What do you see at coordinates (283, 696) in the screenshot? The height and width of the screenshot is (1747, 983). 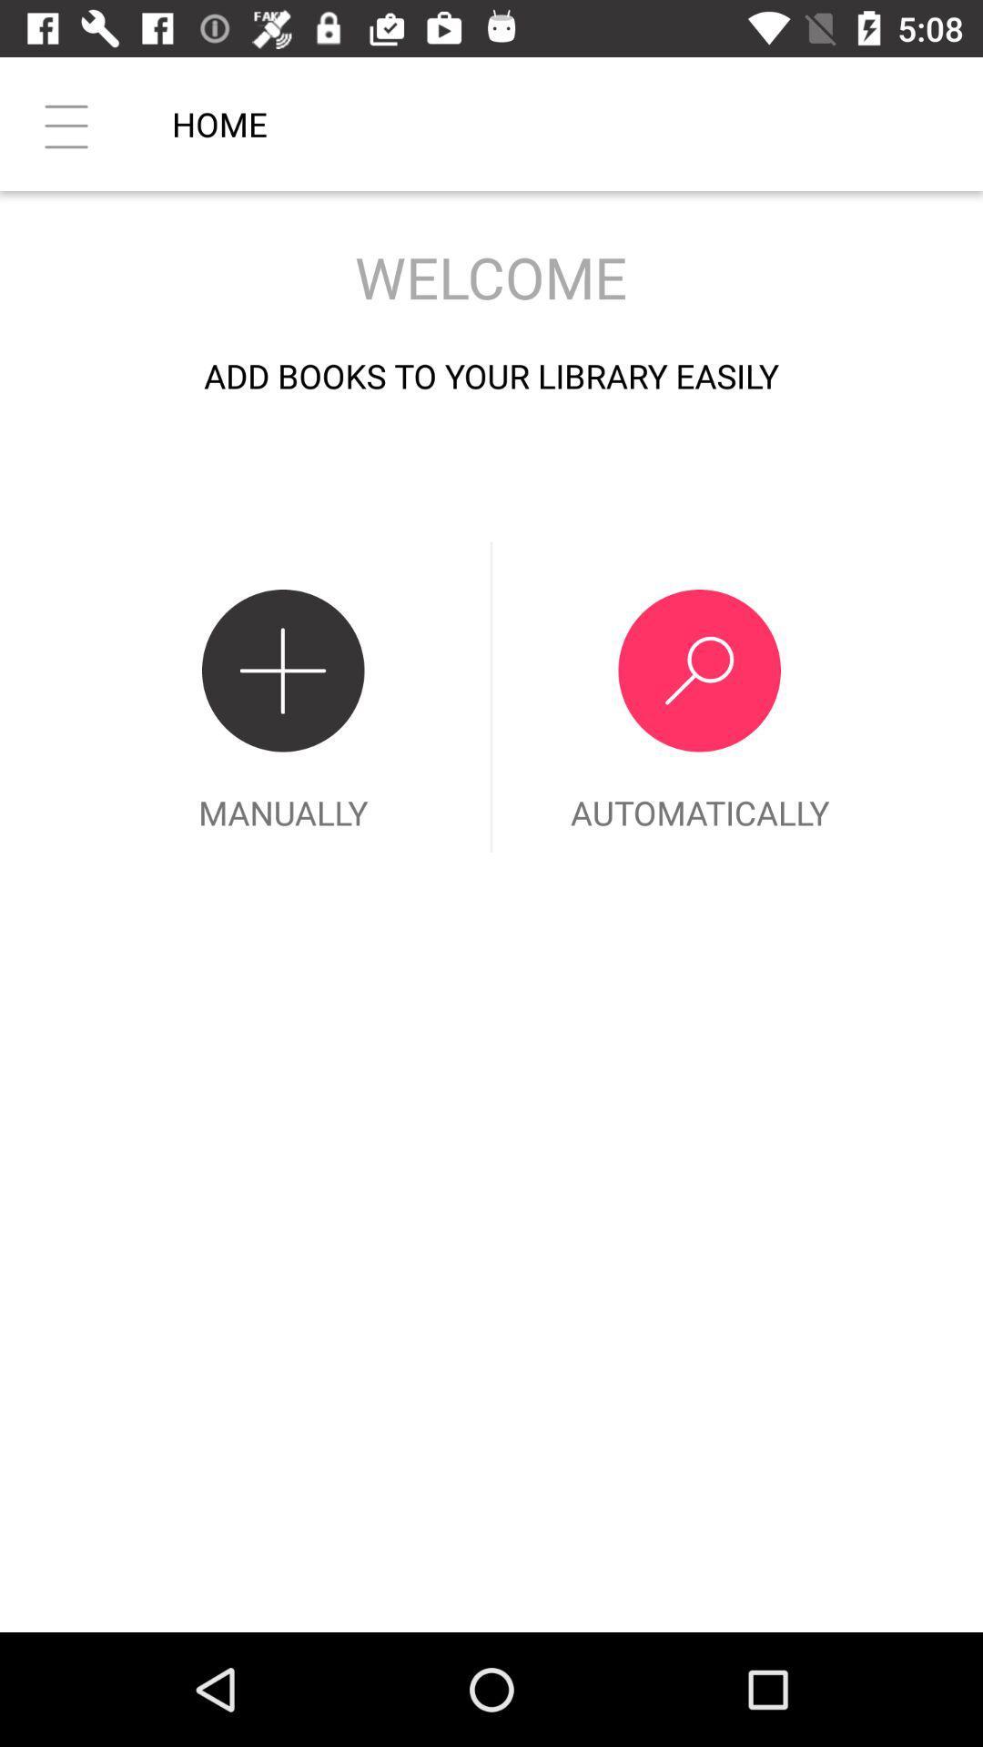 I see `item on the left` at bounding box center [283, 696].